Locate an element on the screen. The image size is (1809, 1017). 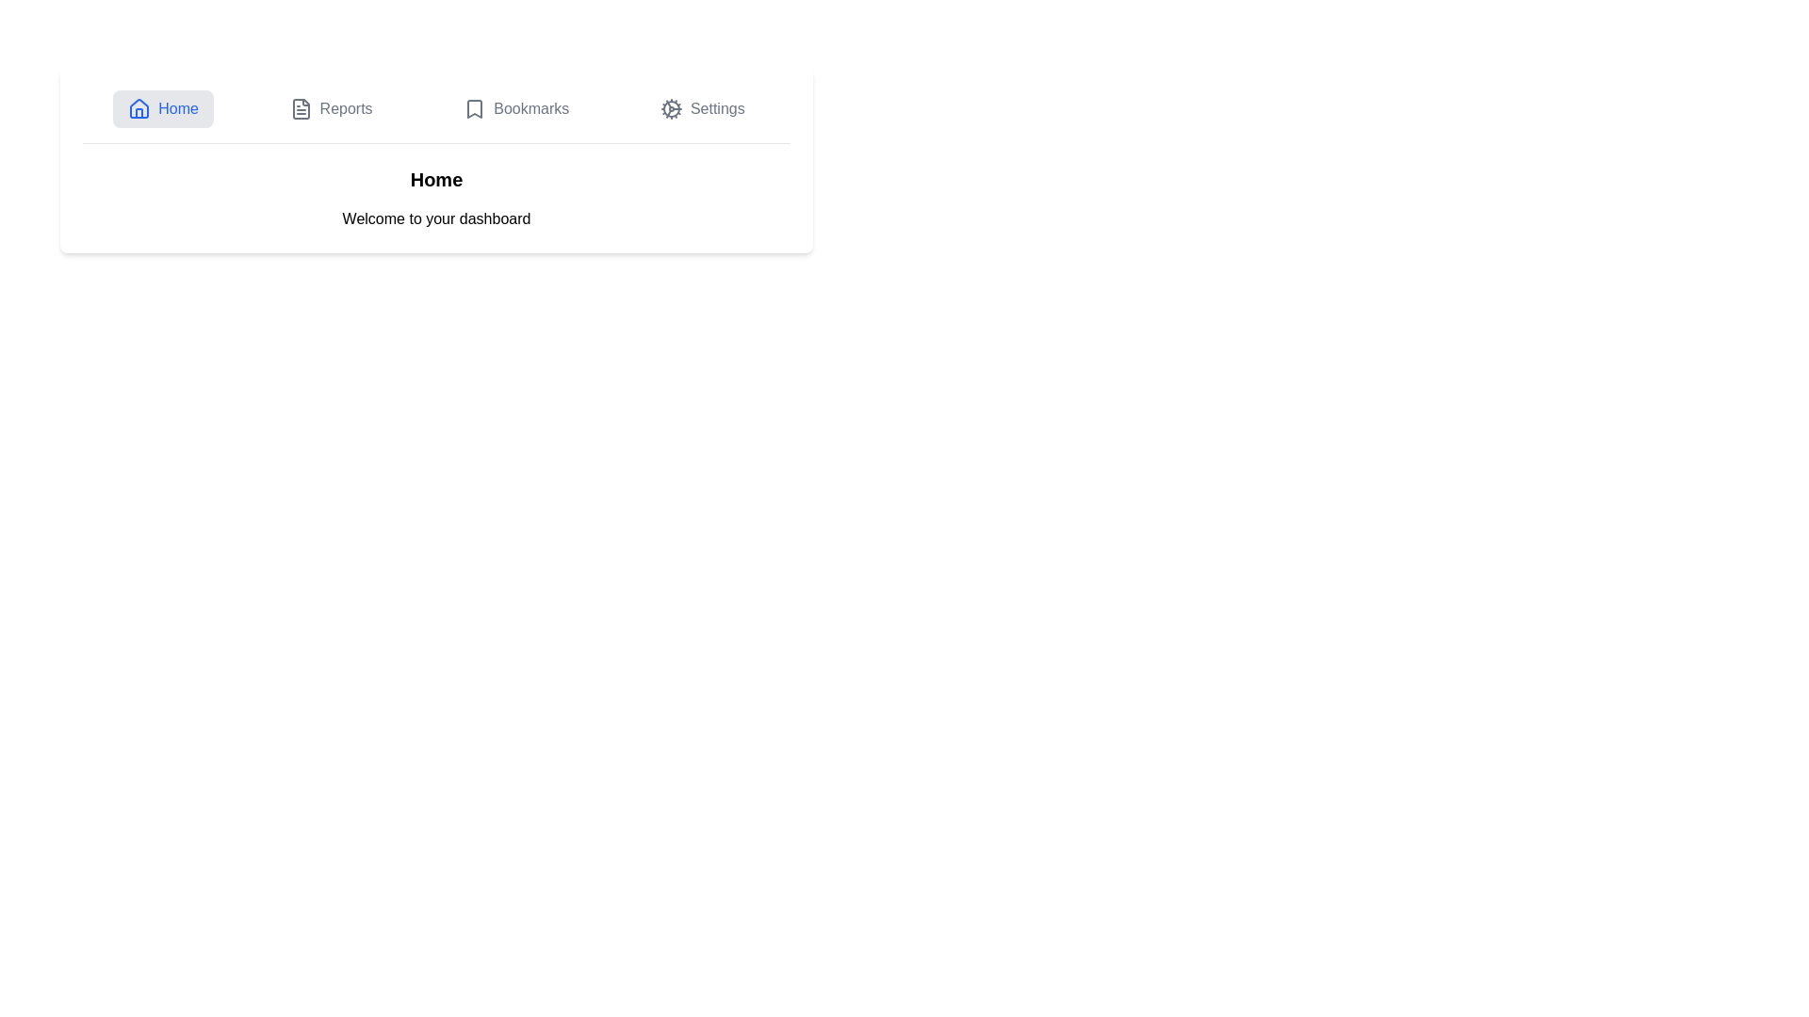
the settings navigation button, which is the fourth option in the horizontal navigation bar is located at coordinates (701, 108).